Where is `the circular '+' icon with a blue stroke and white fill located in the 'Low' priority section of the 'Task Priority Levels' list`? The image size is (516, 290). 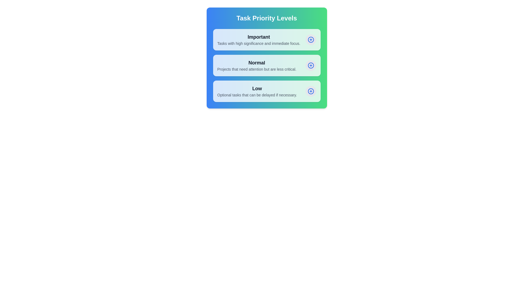
the circular '+' icon with a blue stroke and white fill located in the 'Low' priority section of the 'Task Priority Levels' list is located at coordinates (311, 91).